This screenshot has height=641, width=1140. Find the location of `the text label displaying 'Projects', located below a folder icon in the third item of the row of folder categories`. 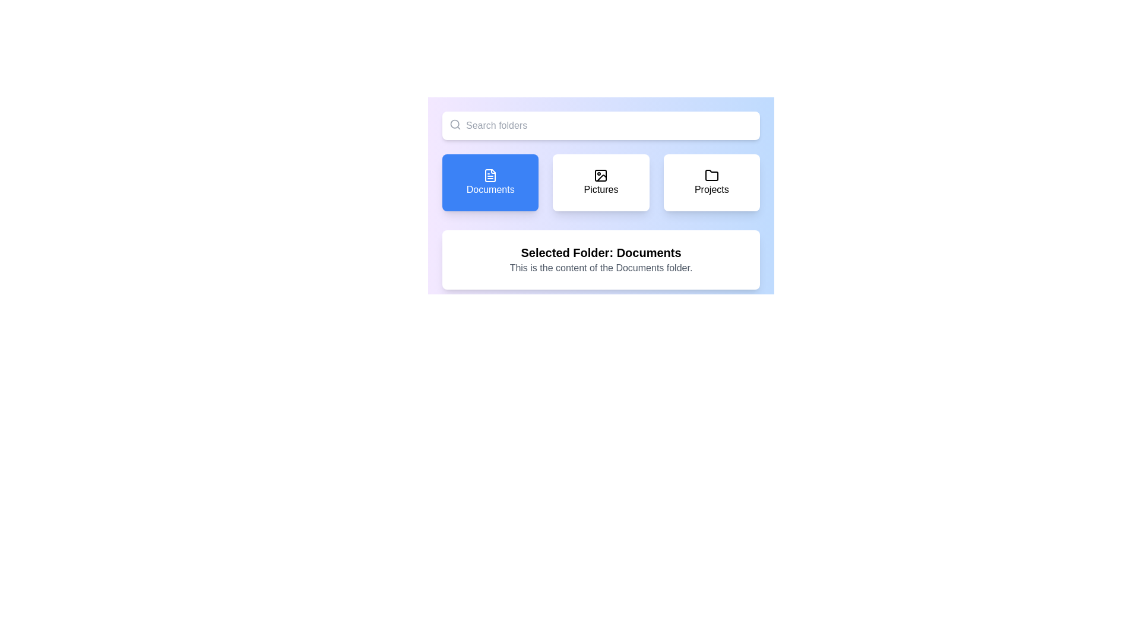

the text label displaying 'Projects', located below a folder icon in the third item of the row of folder categories is located at coordinates (711, 189).